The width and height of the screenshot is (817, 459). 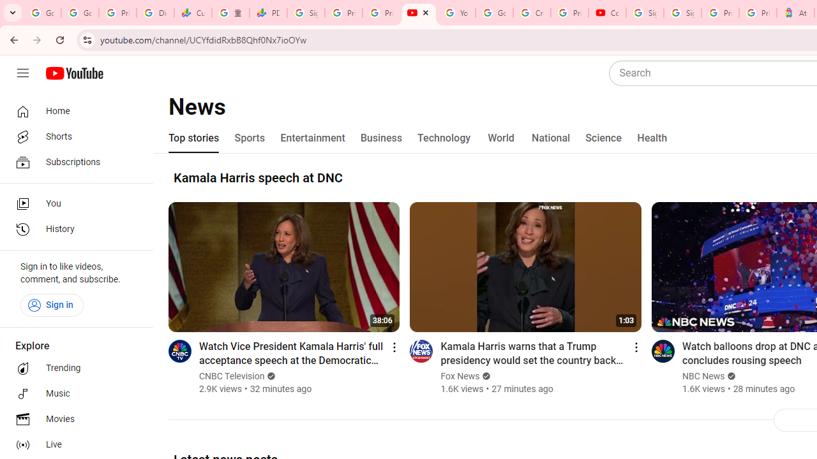 I want to click on 'Shorts', so click(x=71, y=136).